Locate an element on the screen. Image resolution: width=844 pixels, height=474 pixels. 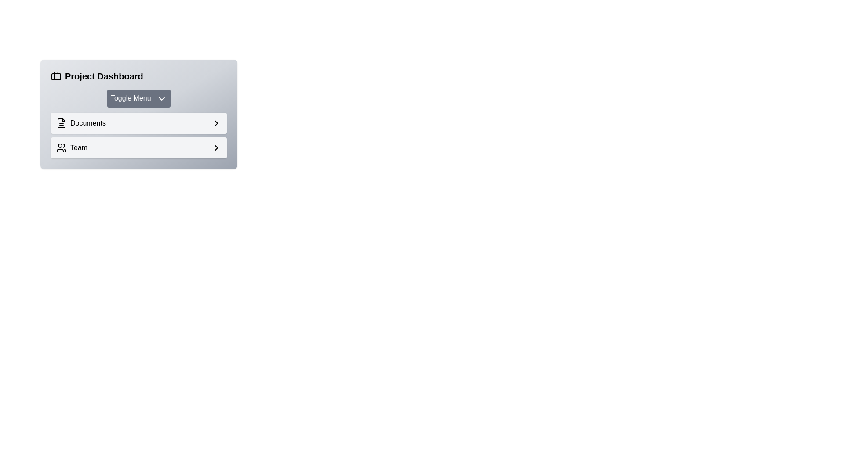
the briefcase icon located to the left of the text 'Project Dashboard' in the header of the card-like component is located at coordinates (56, 75).